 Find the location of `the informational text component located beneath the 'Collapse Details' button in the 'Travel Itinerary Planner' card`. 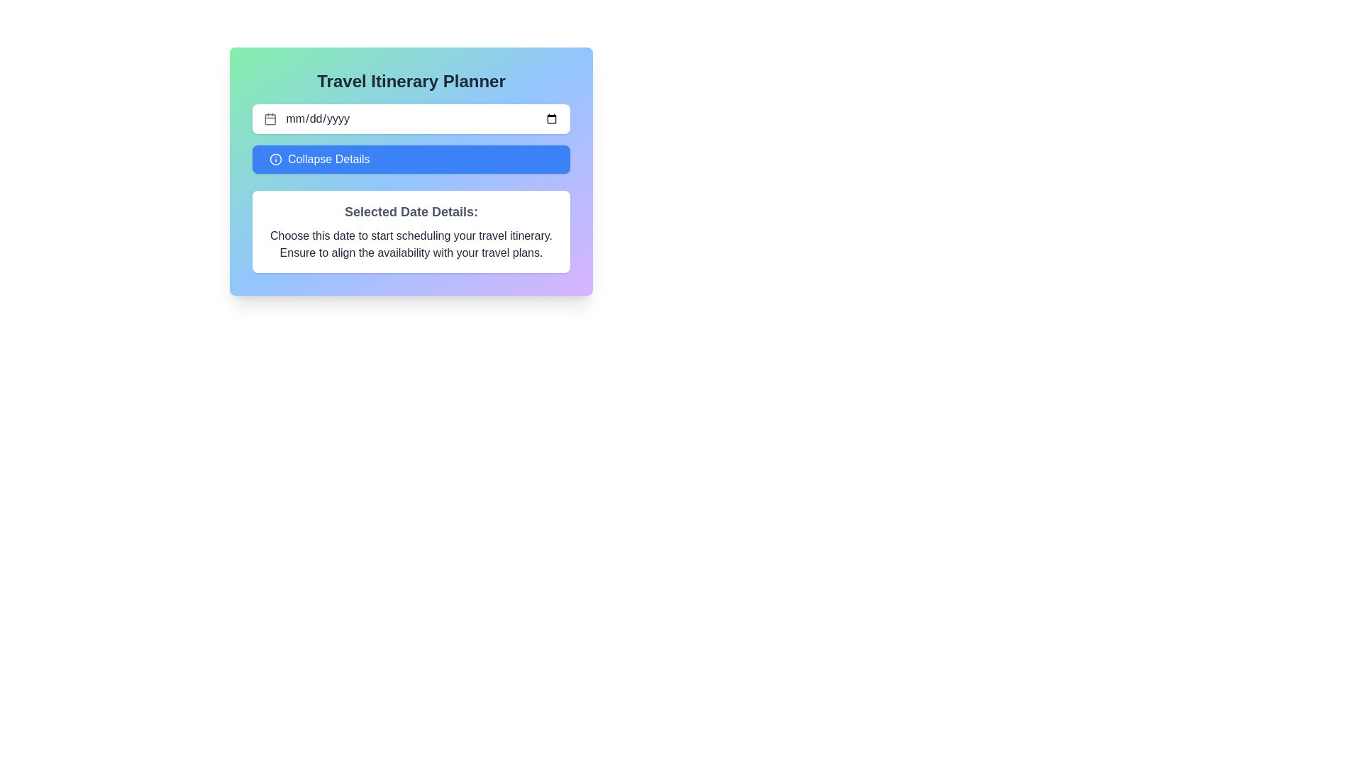

the informational text component located beneath the 'Collapse Details' button in the 'Travel Itinerary Planner' card is located at coordinates (411, 231).